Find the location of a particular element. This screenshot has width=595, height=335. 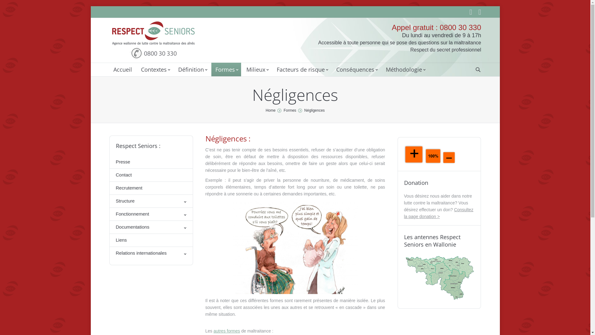

'Liens' is located at coordinates (110, 240).